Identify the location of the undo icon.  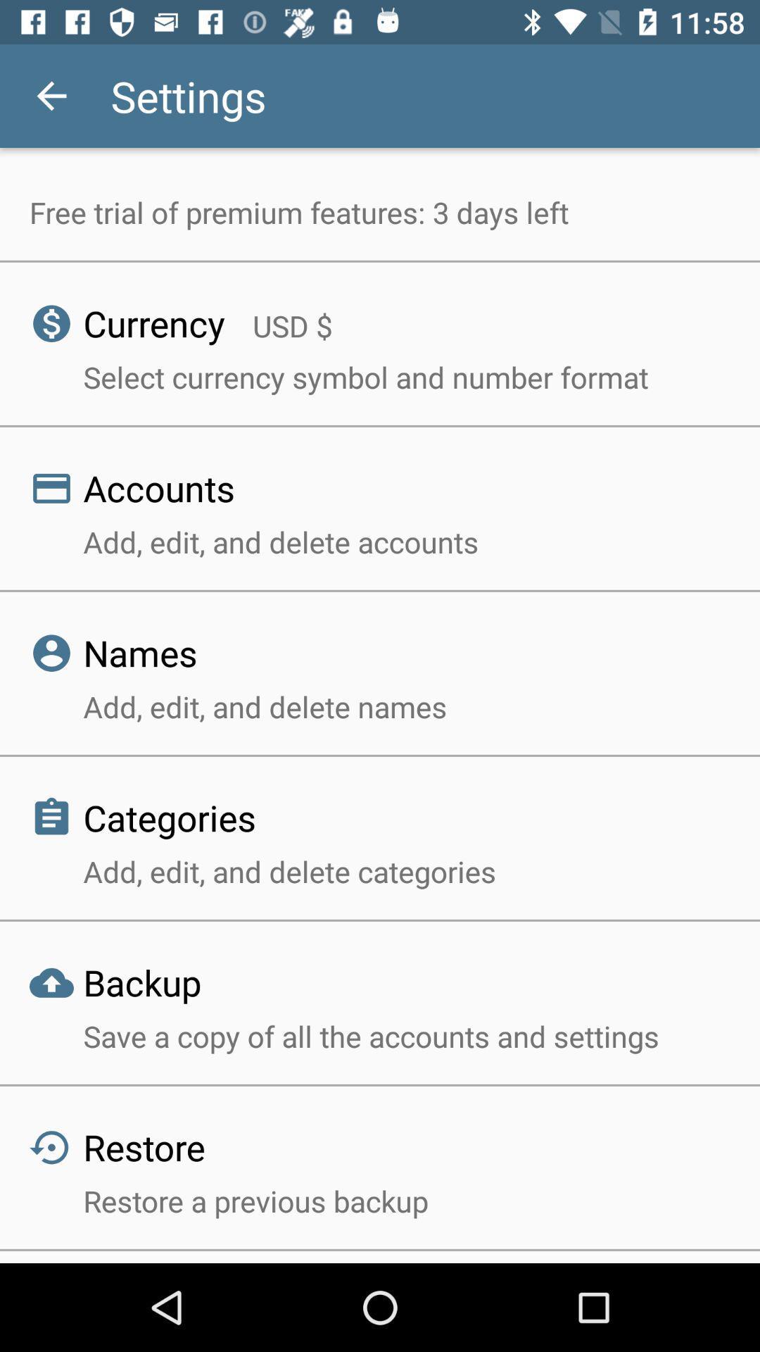
(36, 1129).